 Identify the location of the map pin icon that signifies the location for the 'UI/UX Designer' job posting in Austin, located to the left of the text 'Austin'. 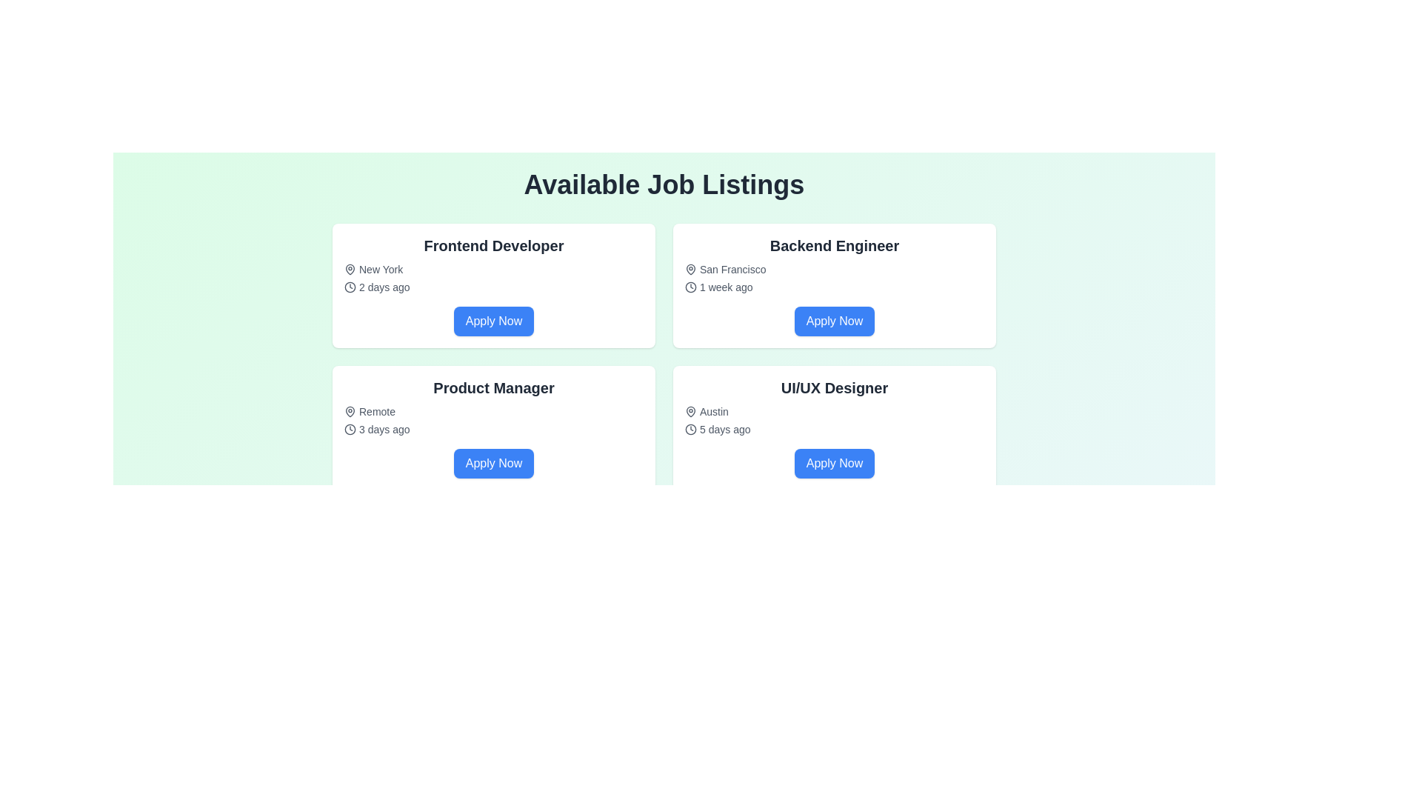
(690, 411).